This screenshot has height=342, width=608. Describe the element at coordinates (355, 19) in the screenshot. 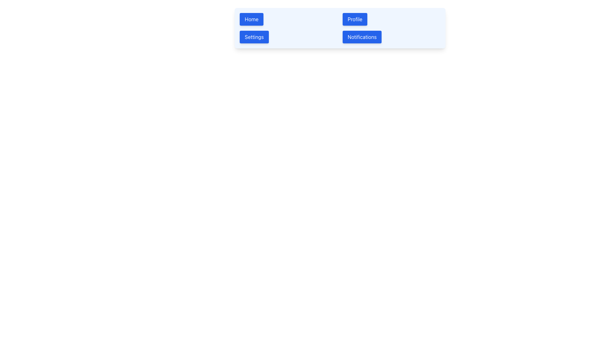

I see `the blue 'Profile' button with white text, located in the top-right area of the interface` at that location.